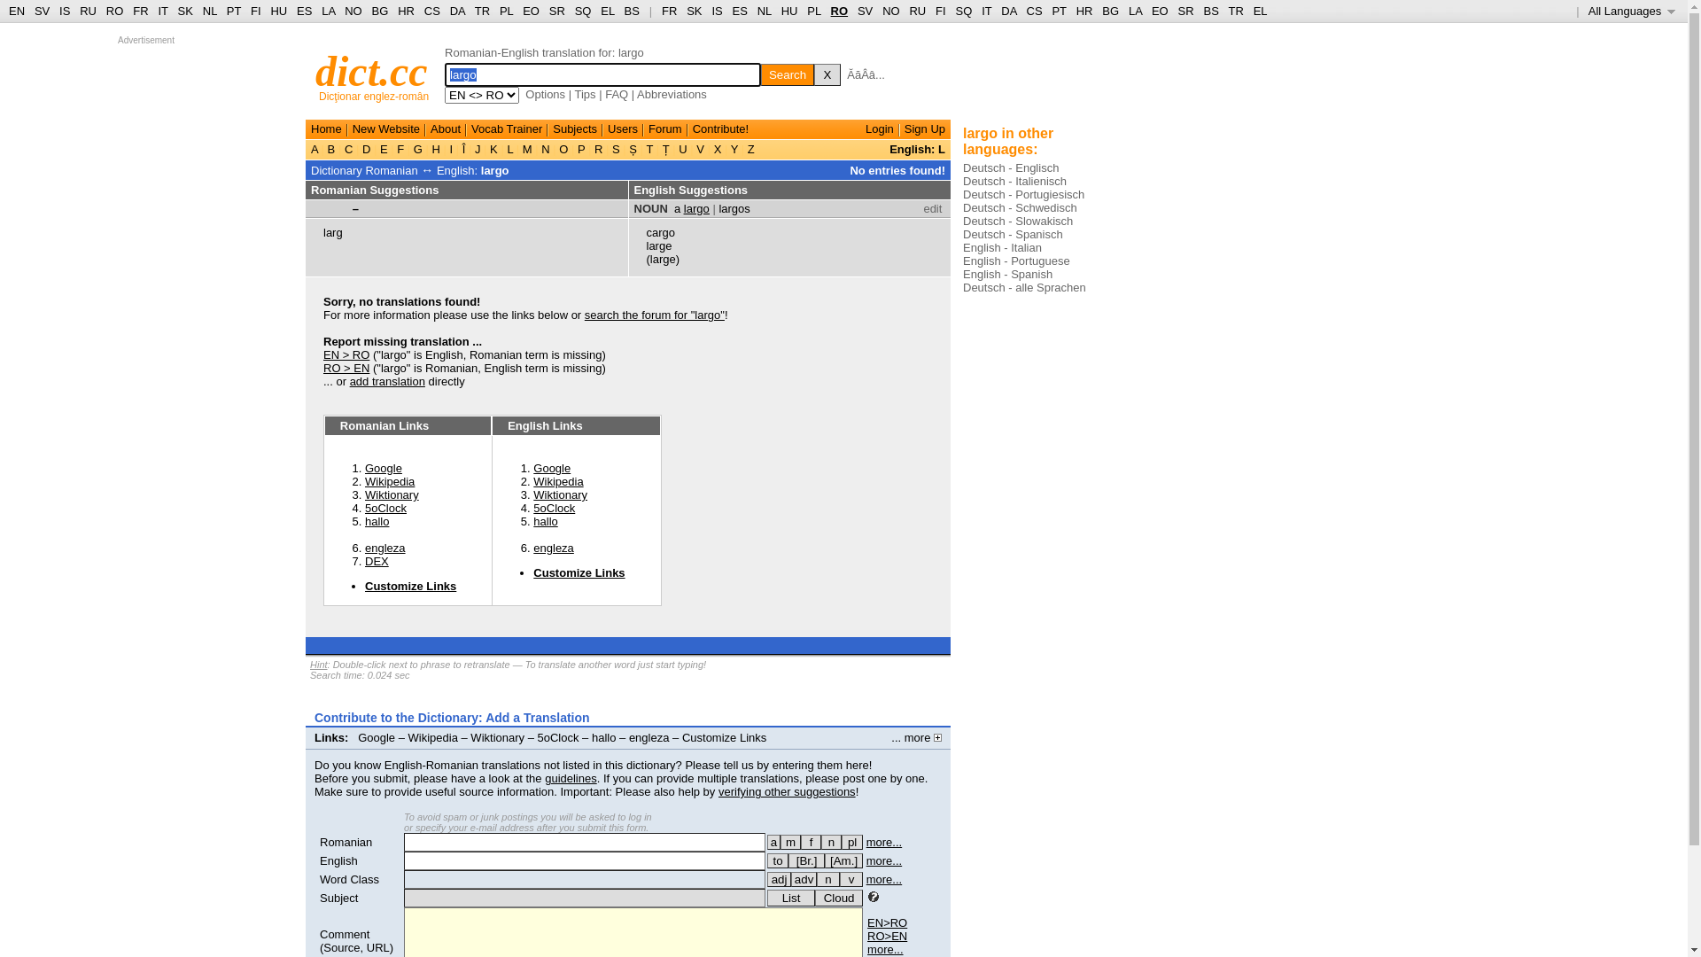 This screenshot has height=957, width=1701. I want to click on 'adj', so click(779, 879).